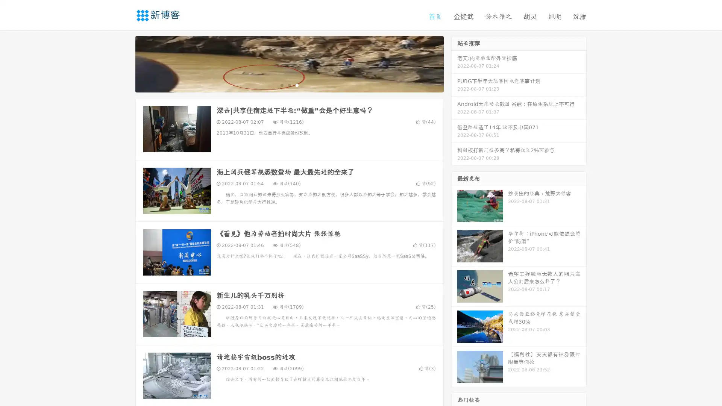  Describe the element at coordinates (281, 85) in the screenshot. I see `Go to slide 1` at that location.